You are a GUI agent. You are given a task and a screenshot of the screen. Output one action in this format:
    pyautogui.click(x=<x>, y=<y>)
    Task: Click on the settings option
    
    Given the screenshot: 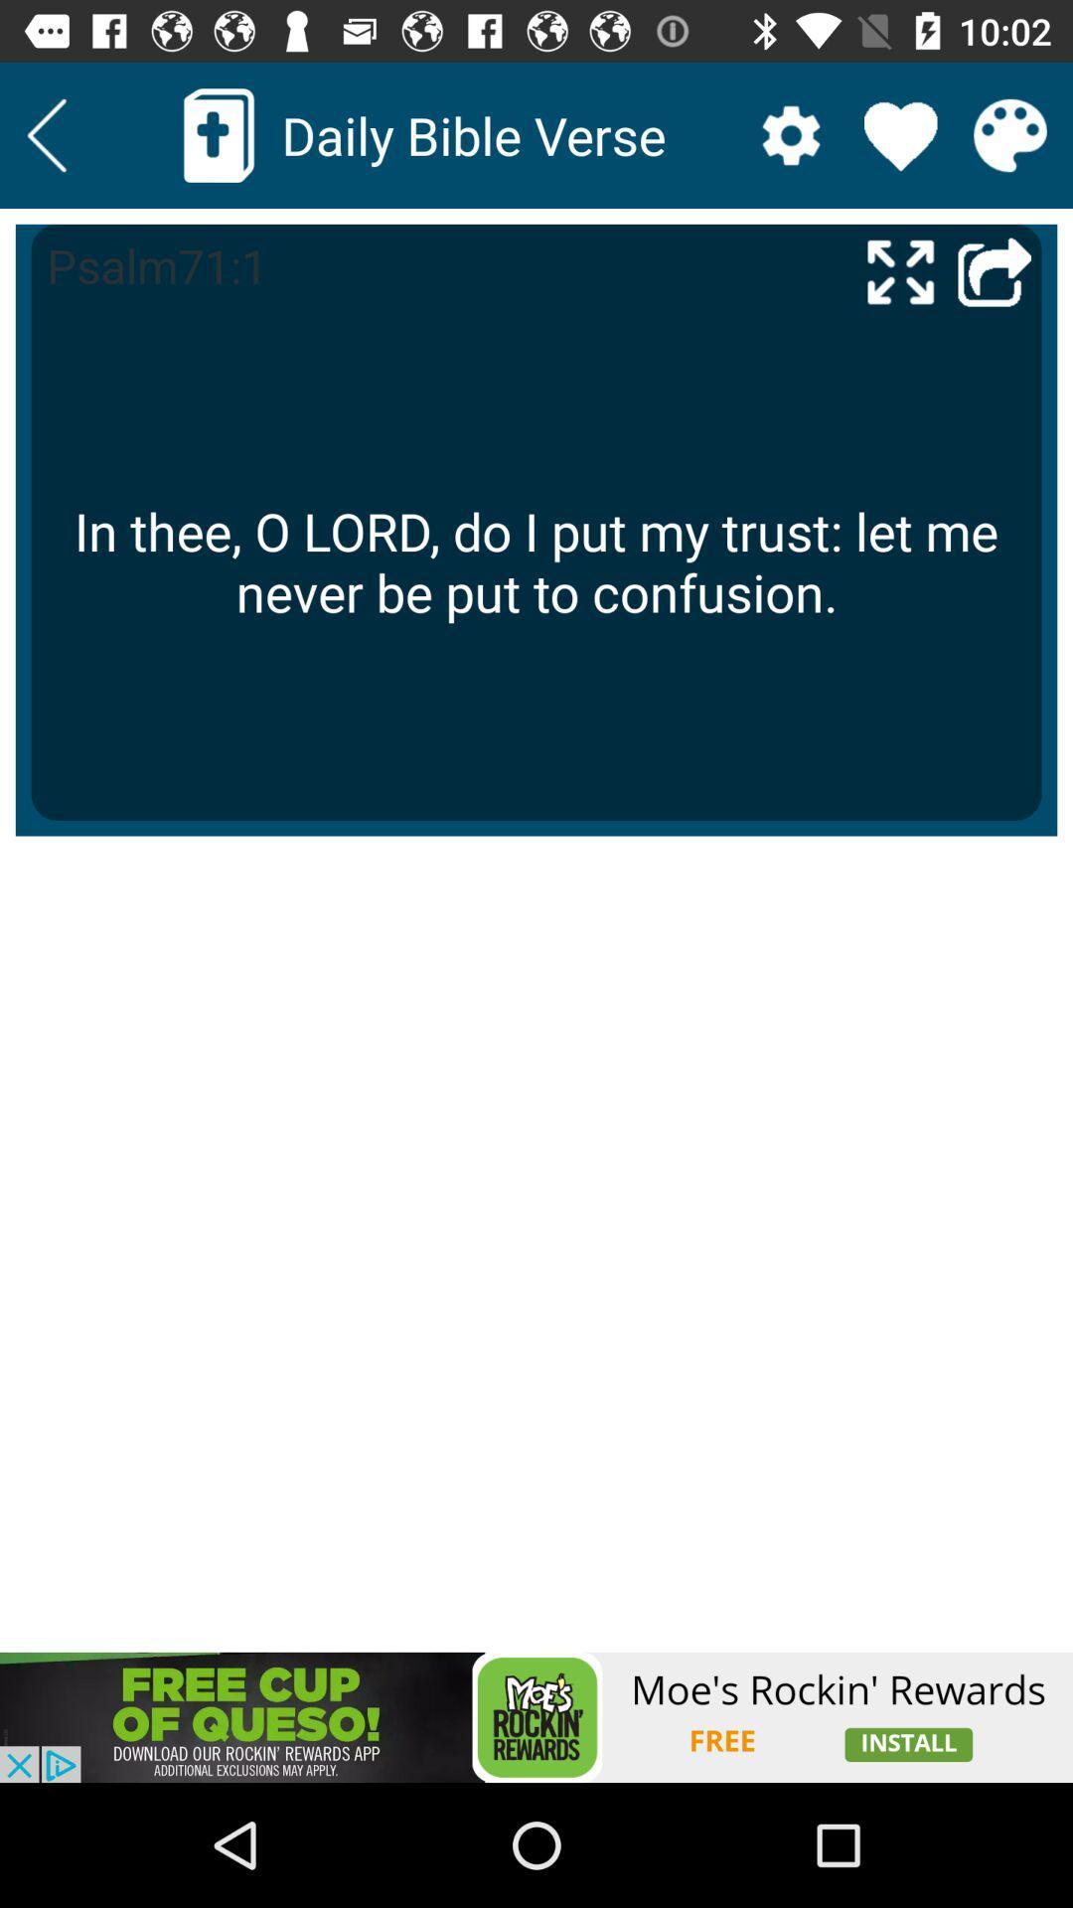 What is the action you would take?
    pyautogui.click(x=790, y=134)
    